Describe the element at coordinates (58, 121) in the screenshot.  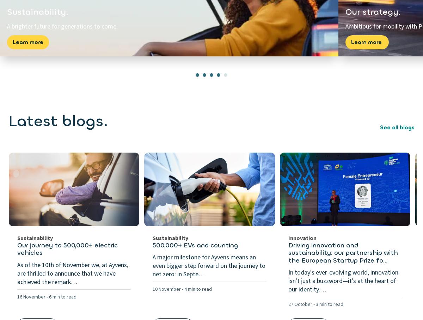
I see `'Latest blogs.'` at that location.